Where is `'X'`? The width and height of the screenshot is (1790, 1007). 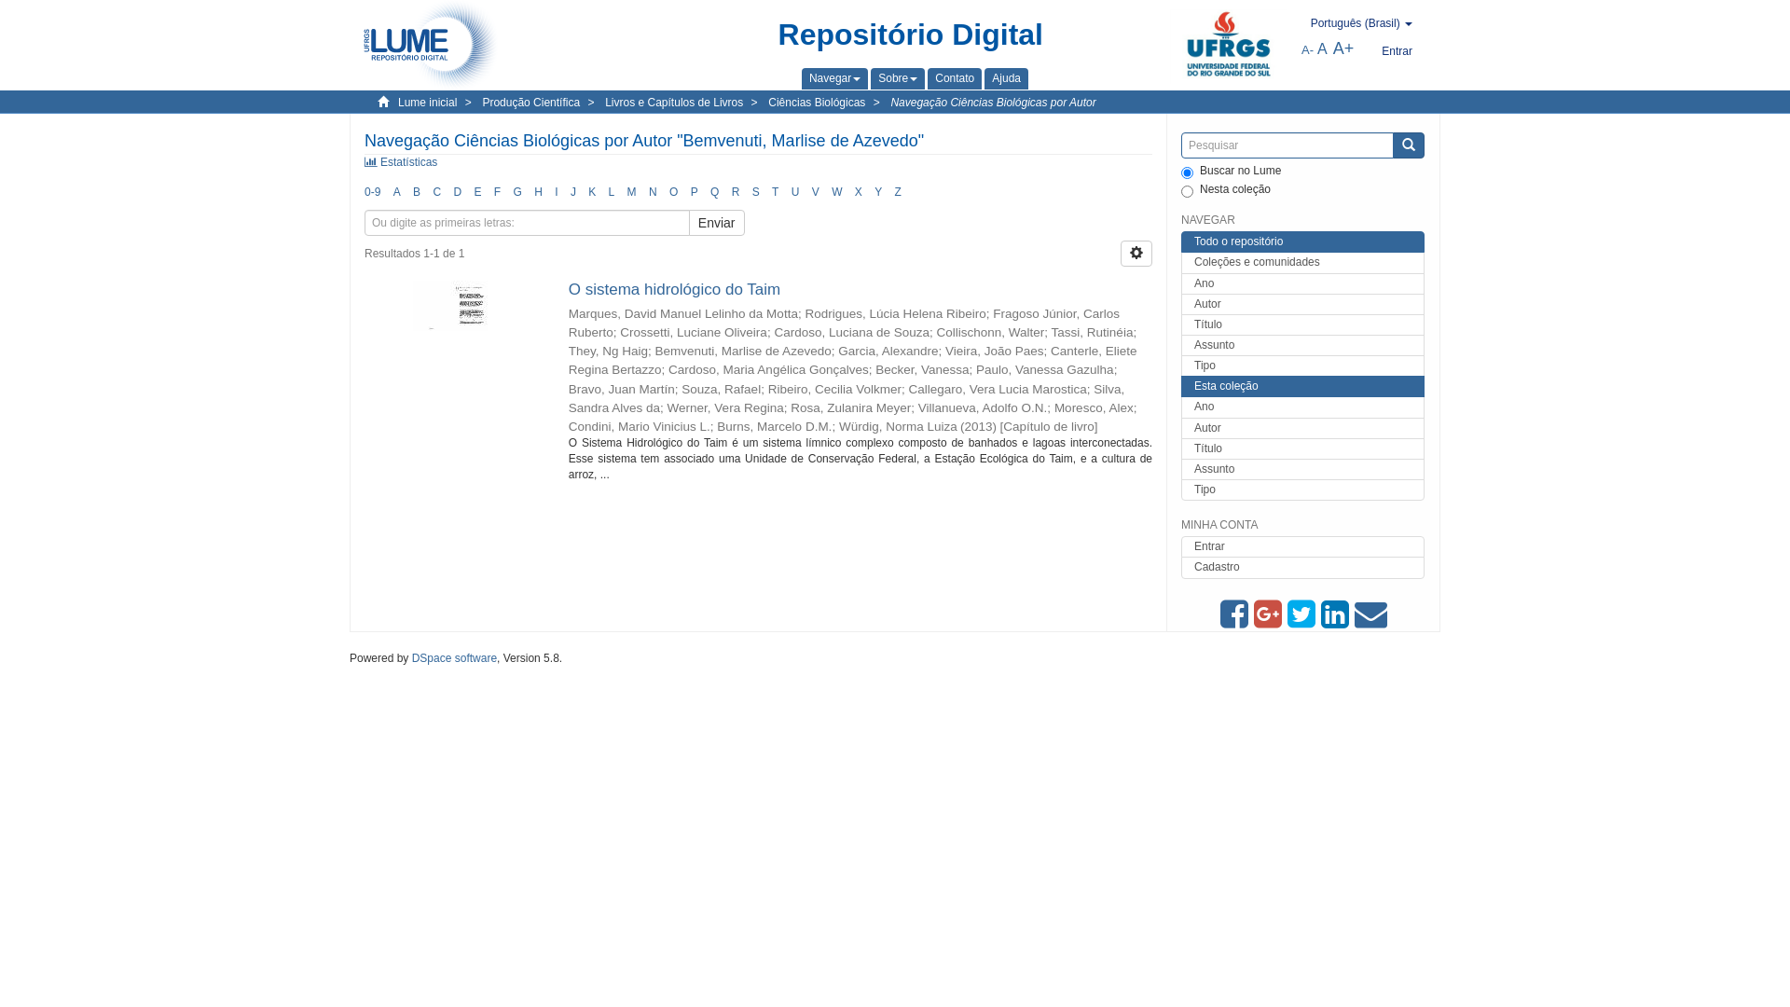
'X' is located at coordinates (858, 191).